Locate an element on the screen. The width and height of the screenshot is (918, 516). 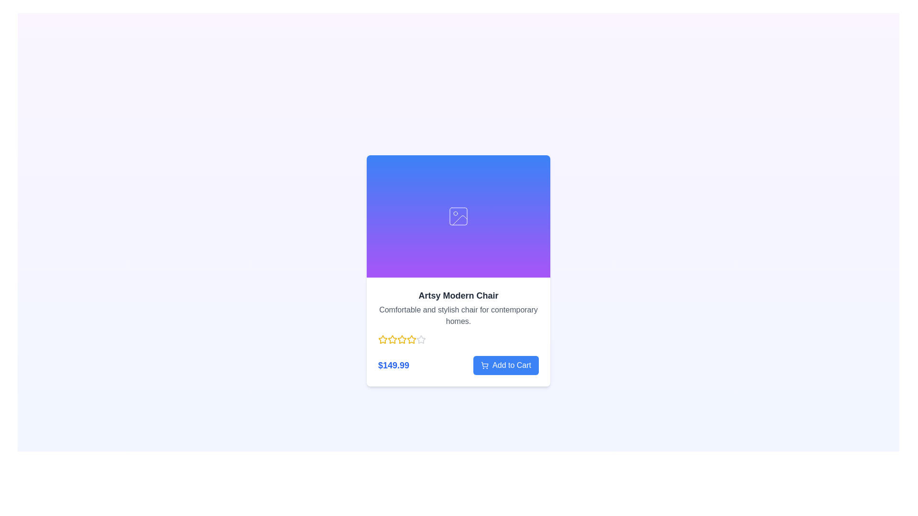
the third star icon in the rating scale to set a rating for the product is located at coordinates (421, 339).